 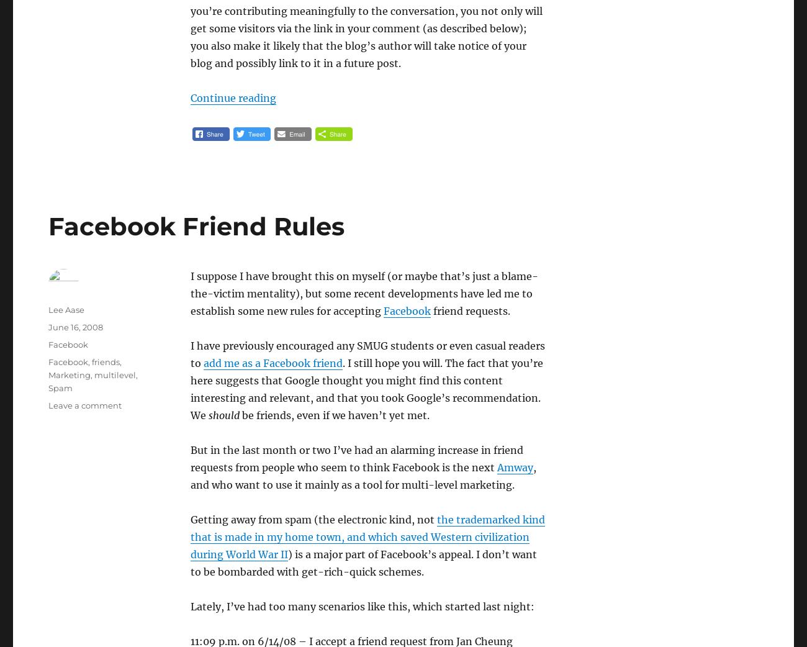 I want to click on 'Marketing', so click(x=69, y=374).